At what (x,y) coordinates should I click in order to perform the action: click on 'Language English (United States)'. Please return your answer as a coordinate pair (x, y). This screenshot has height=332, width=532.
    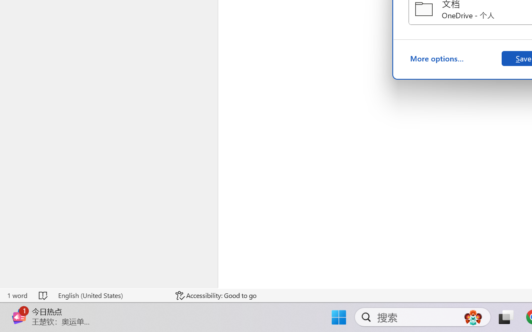
    Looking at the image, I should click on (111, 295).